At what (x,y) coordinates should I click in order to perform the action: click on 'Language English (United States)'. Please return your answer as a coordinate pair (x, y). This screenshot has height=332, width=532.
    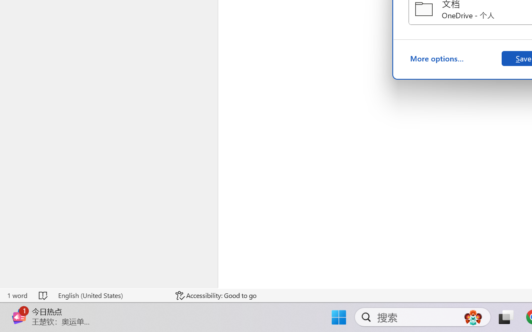
    Looking at the image, I should click on (111, 295).